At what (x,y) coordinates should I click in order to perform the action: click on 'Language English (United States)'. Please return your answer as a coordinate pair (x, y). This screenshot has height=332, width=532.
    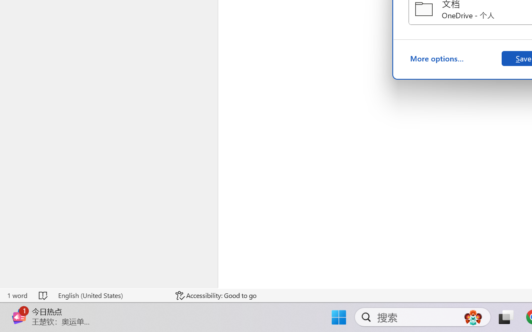
    Looking at the image, I should click on (111, 295).